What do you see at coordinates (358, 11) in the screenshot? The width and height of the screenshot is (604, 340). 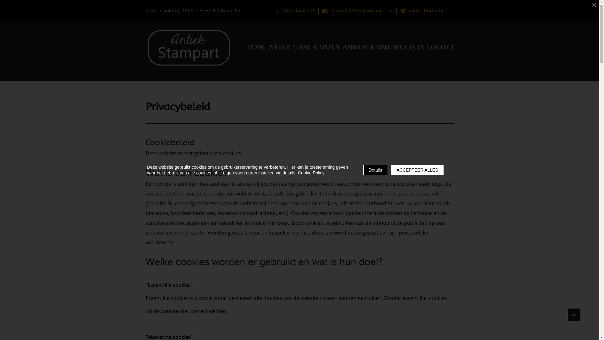 I see `'christoff1965@hotmail.com'` at bounding box center [358, 11].